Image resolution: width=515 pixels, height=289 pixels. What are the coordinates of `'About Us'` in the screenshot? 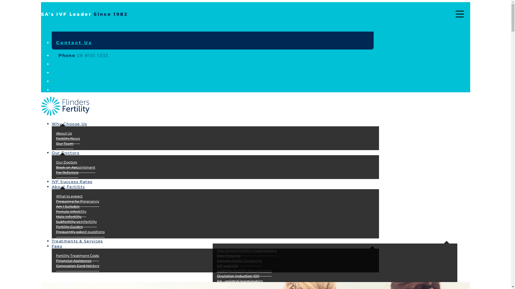 It's located at (64, 133).